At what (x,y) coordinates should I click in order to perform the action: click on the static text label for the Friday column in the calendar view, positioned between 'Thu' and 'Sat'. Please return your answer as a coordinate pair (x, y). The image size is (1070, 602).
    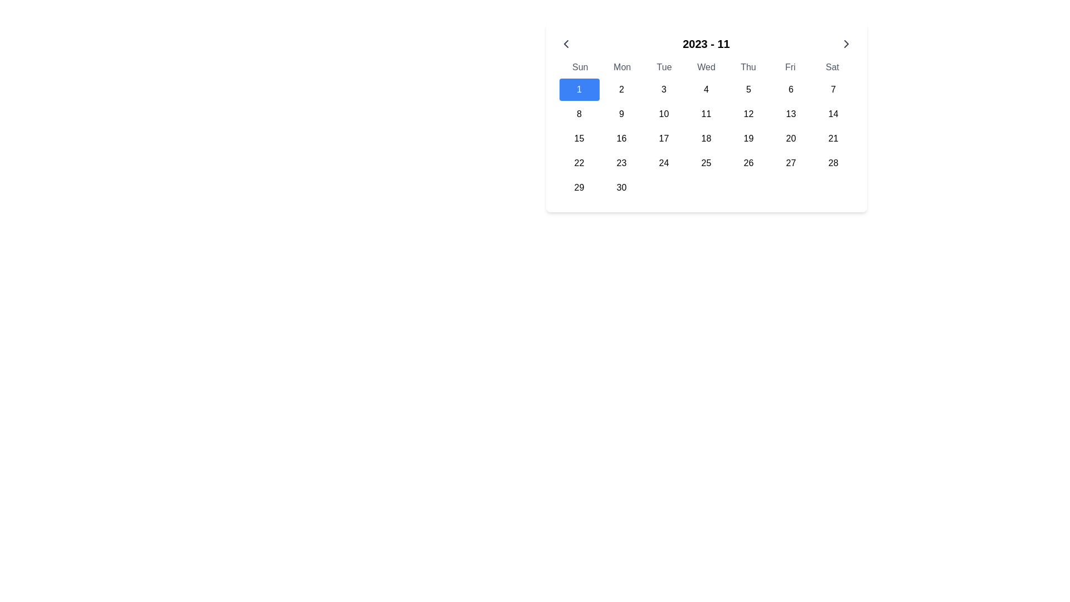
    Looking at the image, I should click on (789, 67).